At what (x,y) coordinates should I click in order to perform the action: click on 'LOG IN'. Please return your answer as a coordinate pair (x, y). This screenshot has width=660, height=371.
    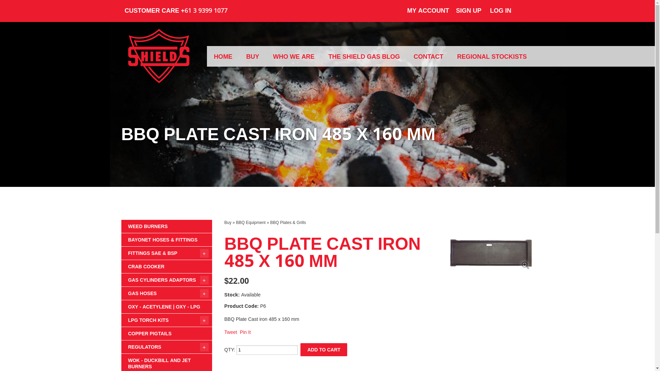
    Looking at the image, I should click on (505, 10).